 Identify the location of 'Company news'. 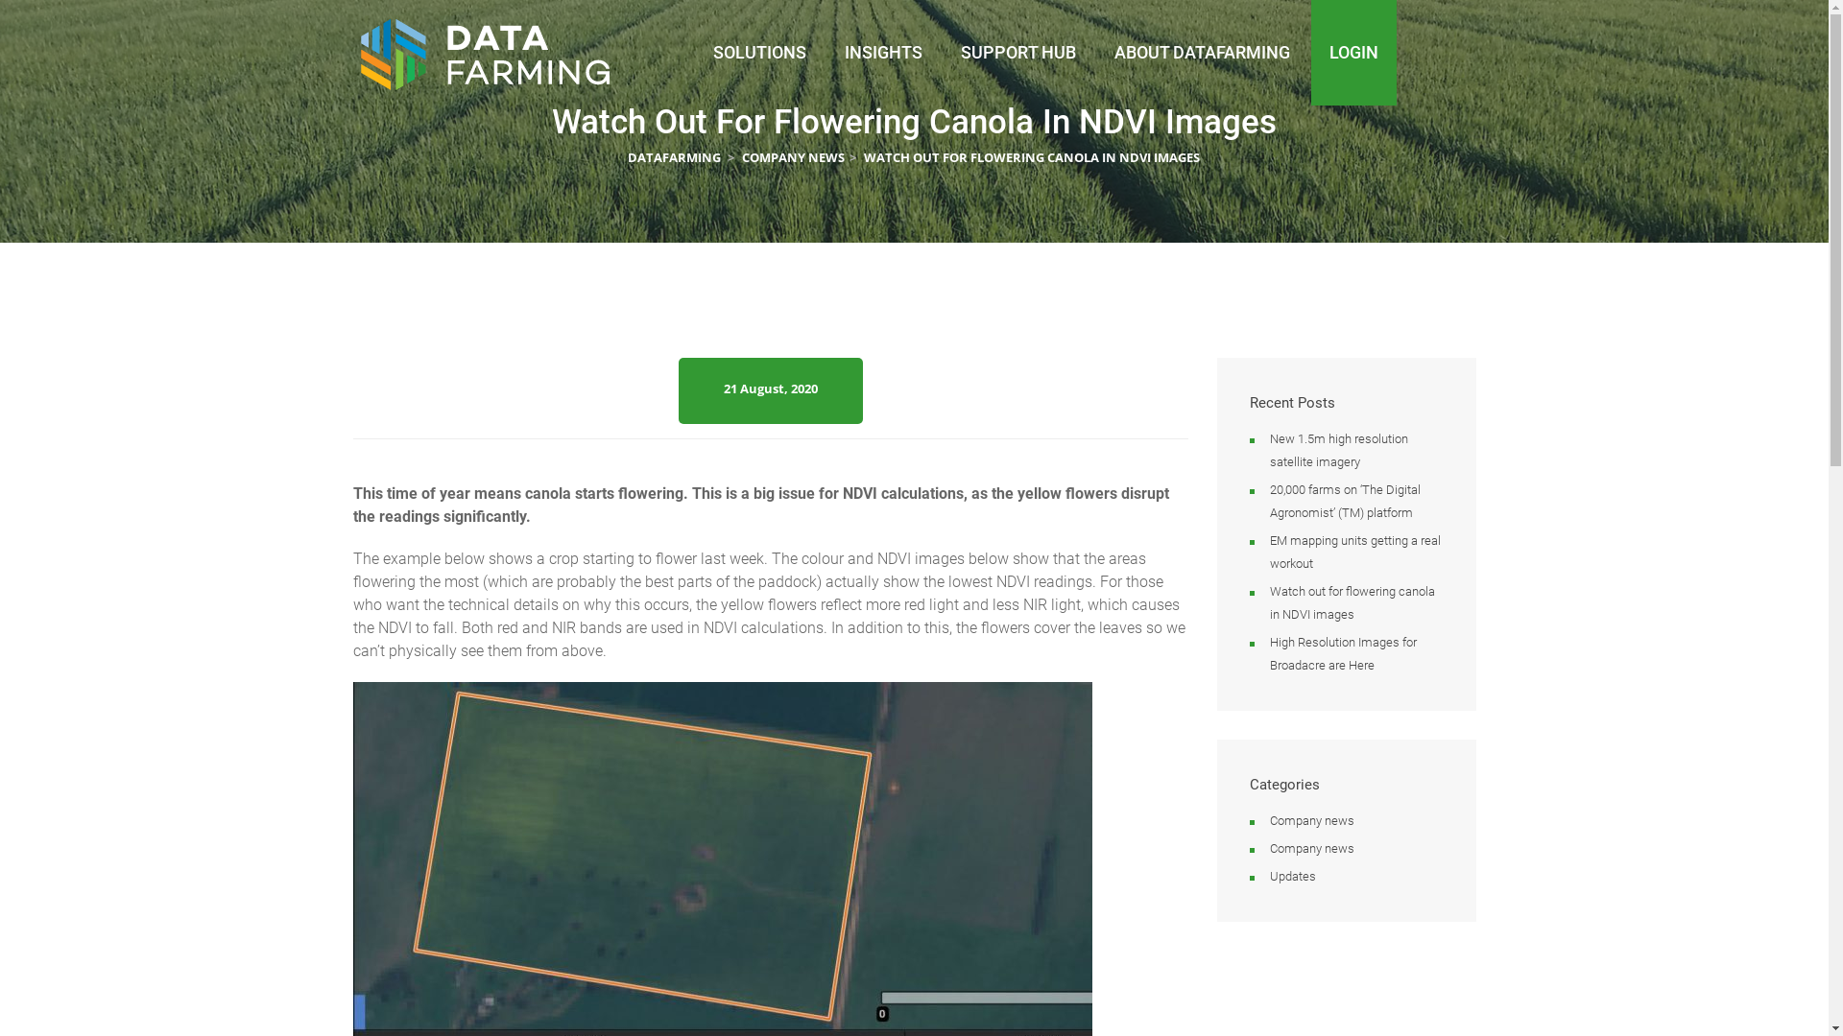
(1310, 820).